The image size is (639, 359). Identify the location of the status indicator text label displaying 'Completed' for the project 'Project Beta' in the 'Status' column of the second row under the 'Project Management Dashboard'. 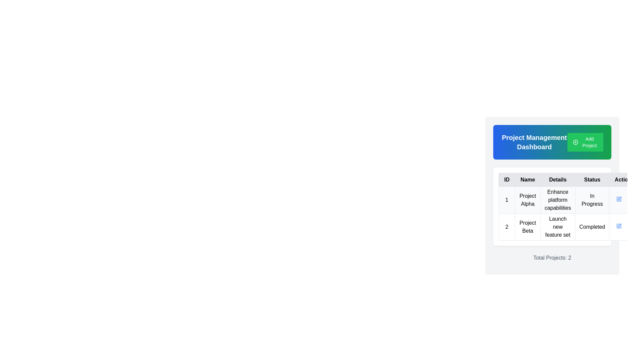
(592, 226).